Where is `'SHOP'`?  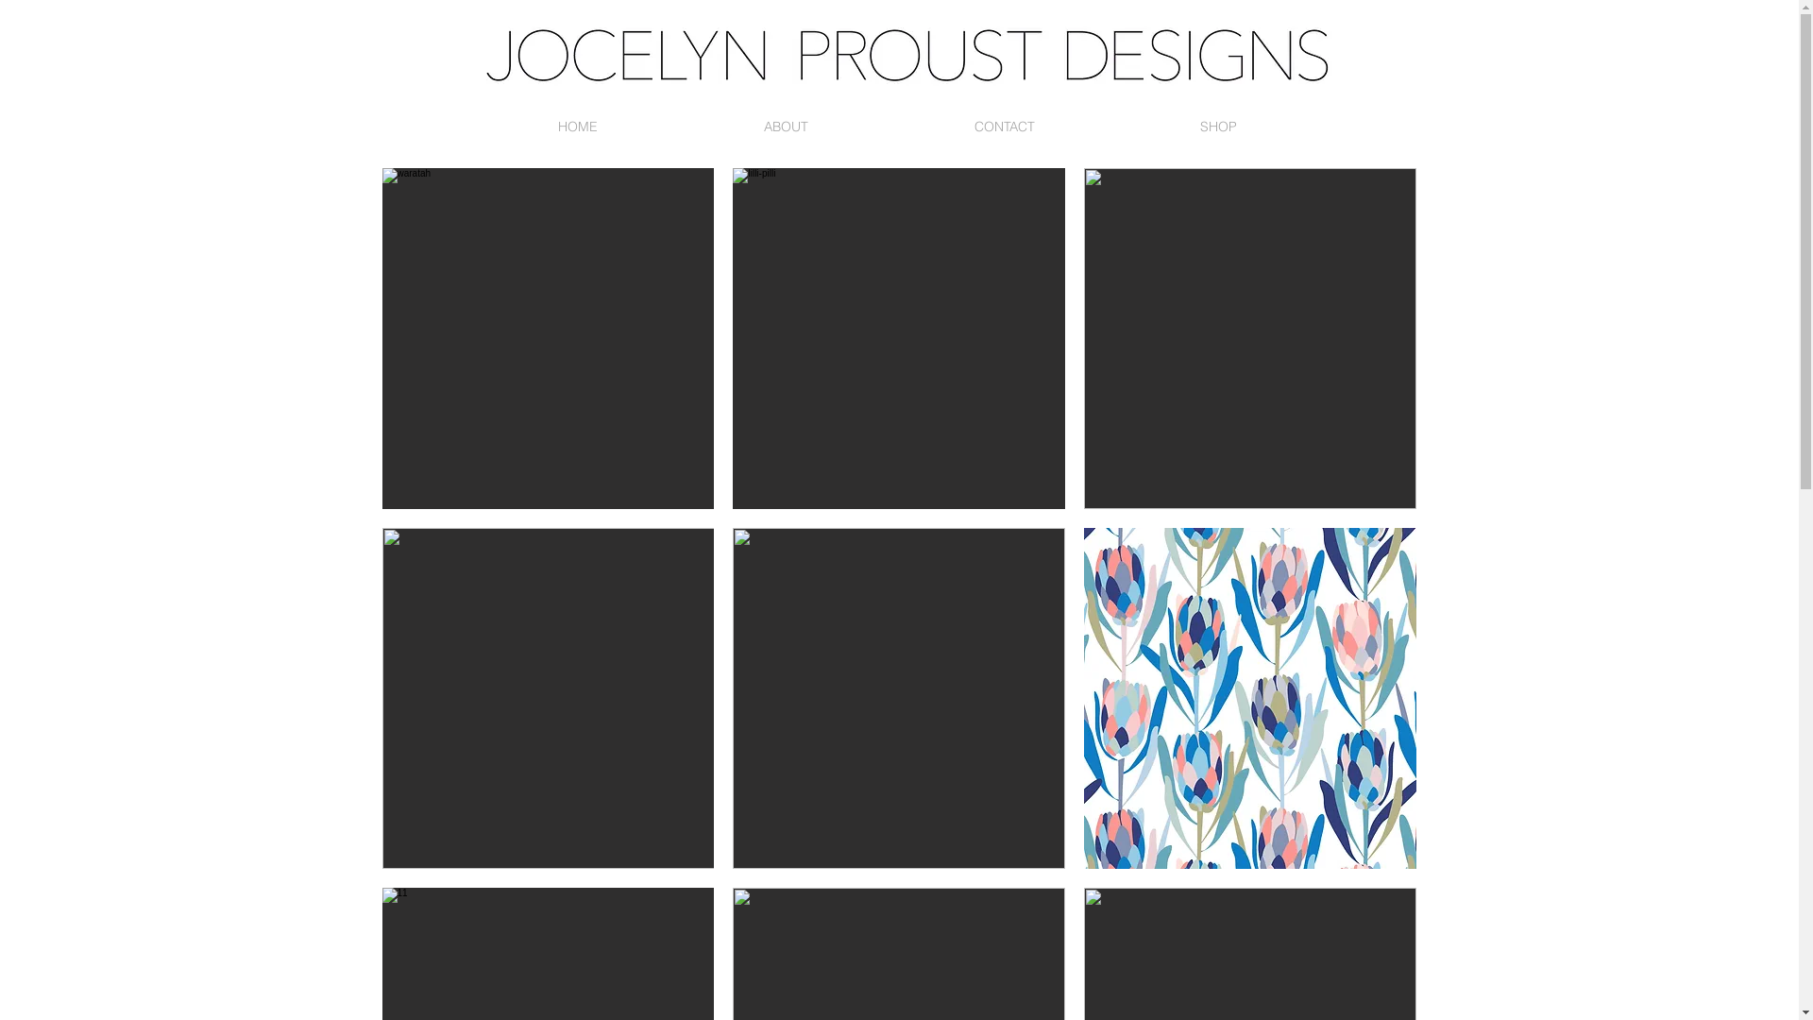
'SHOP' is located at coordinates (1219, 127).